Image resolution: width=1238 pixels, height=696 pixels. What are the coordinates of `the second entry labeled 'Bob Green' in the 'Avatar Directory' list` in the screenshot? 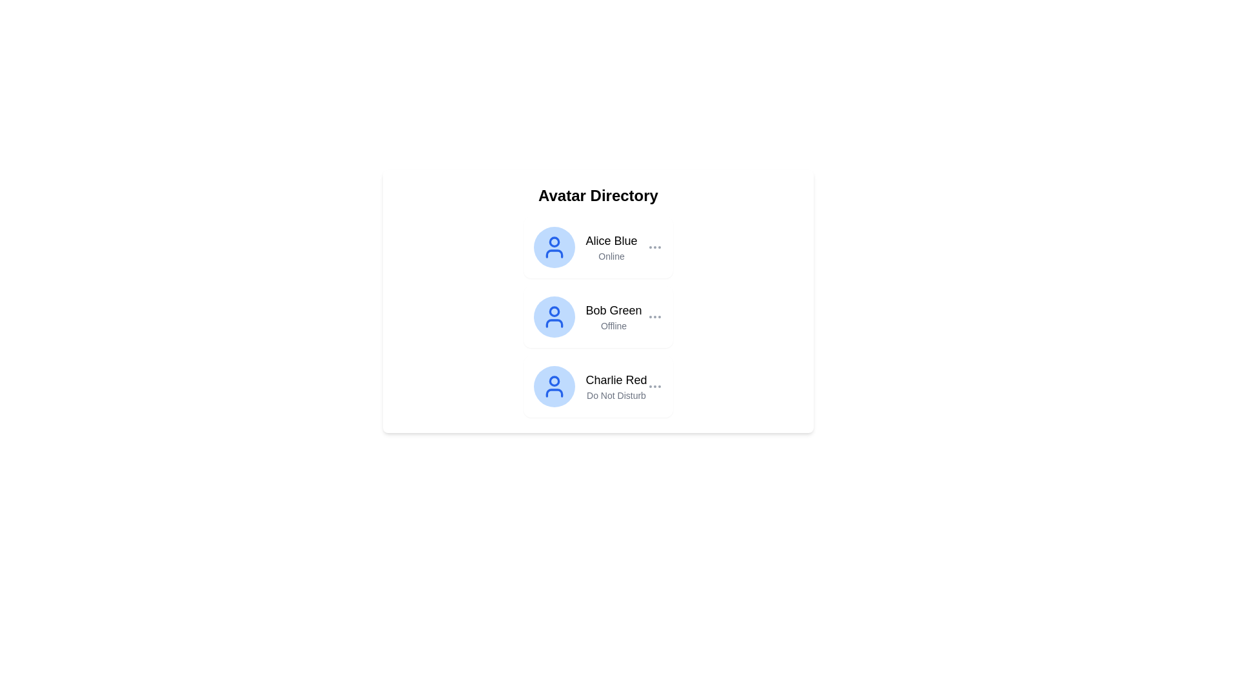 It's located at (597, 301).